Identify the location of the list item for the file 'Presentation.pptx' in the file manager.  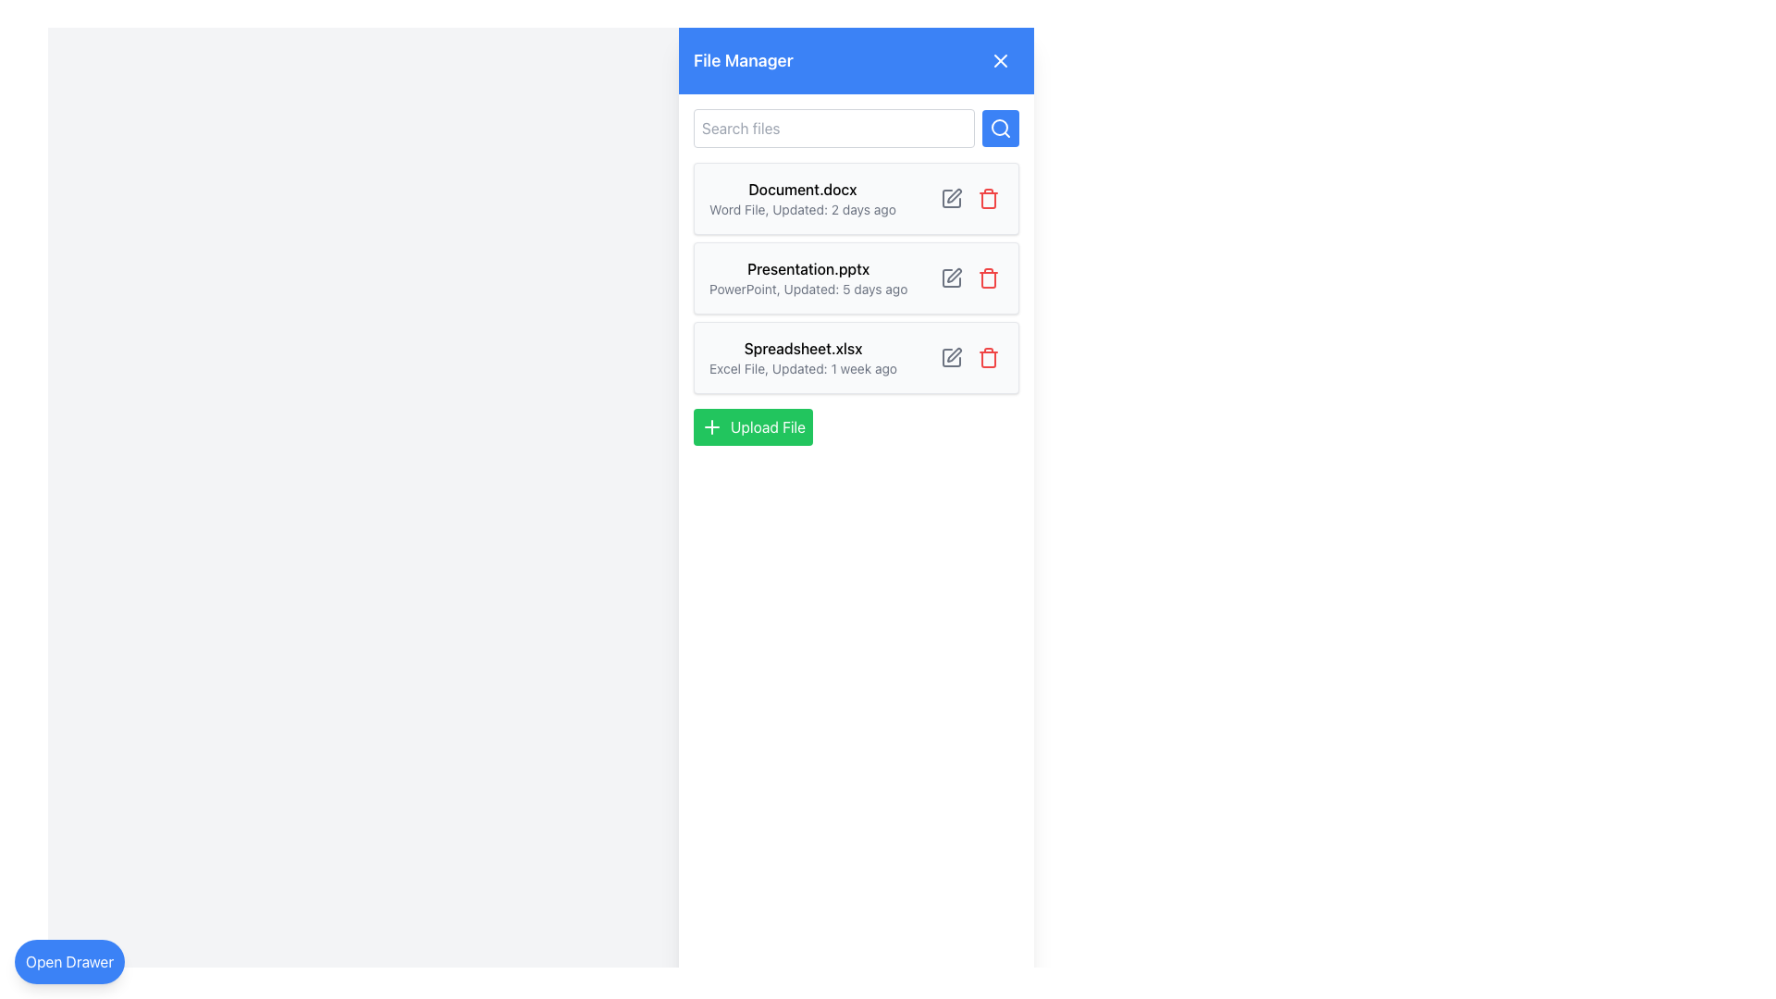
(856, 277).